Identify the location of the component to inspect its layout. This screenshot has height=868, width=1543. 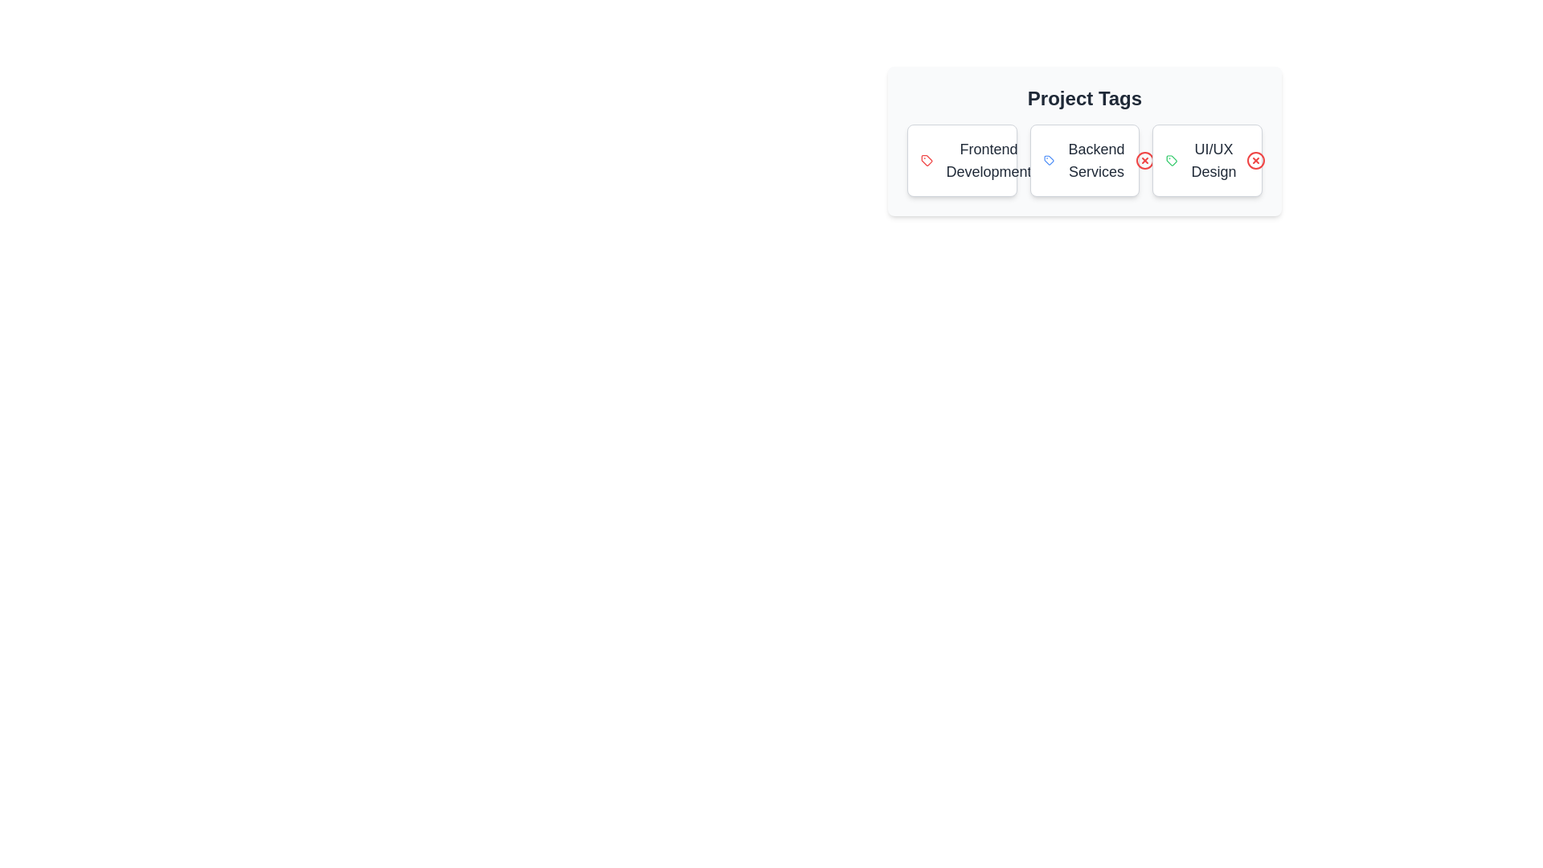
(1084, 199).